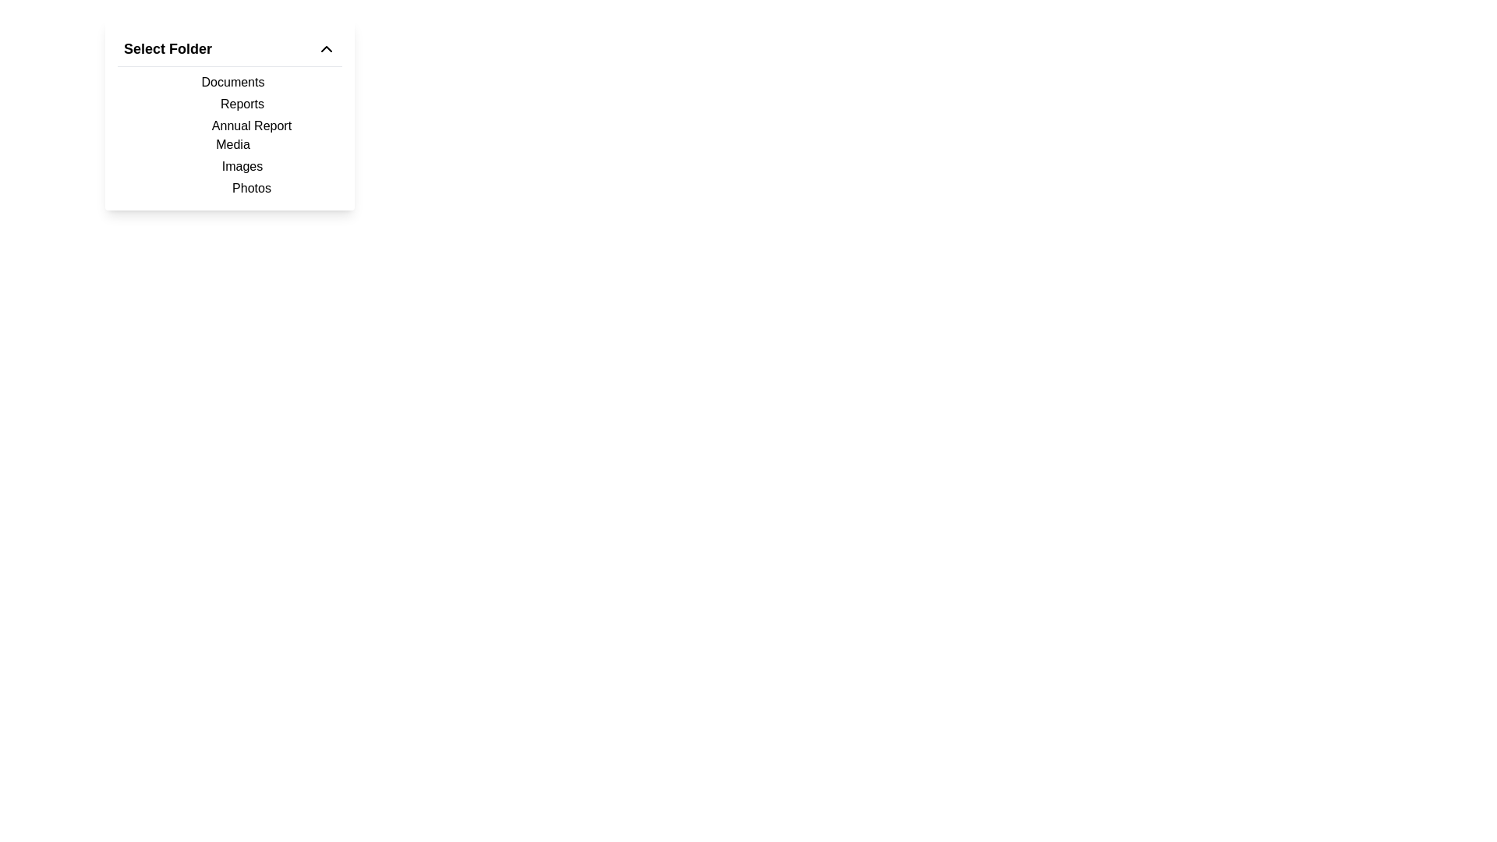  What do you see at coordinates (239, 114) in the screenshot?
I see `the 'Reports' menu item in the dropdown menu titled 'Select Folder', which is the second item below 'Documents'` at bounding box center [239, 114].